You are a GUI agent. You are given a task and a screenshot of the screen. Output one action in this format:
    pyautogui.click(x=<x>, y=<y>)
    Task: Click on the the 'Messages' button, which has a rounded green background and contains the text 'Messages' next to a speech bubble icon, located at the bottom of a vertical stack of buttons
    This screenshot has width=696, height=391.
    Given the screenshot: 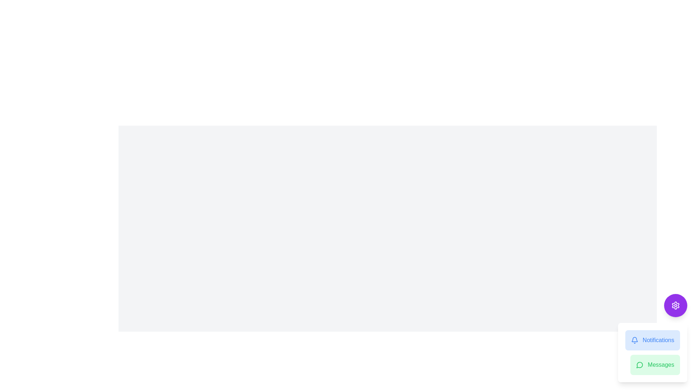 What is the action you would take?
    pyautogui.click(x=655, y=365)
    